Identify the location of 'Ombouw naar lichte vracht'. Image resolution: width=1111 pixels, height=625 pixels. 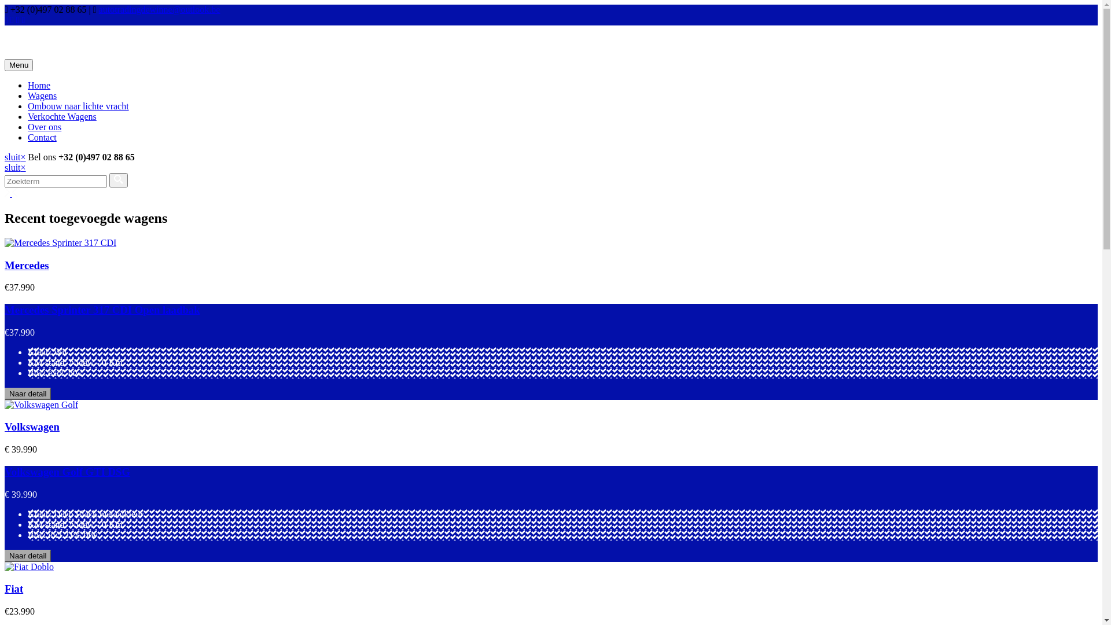
(78, 106).